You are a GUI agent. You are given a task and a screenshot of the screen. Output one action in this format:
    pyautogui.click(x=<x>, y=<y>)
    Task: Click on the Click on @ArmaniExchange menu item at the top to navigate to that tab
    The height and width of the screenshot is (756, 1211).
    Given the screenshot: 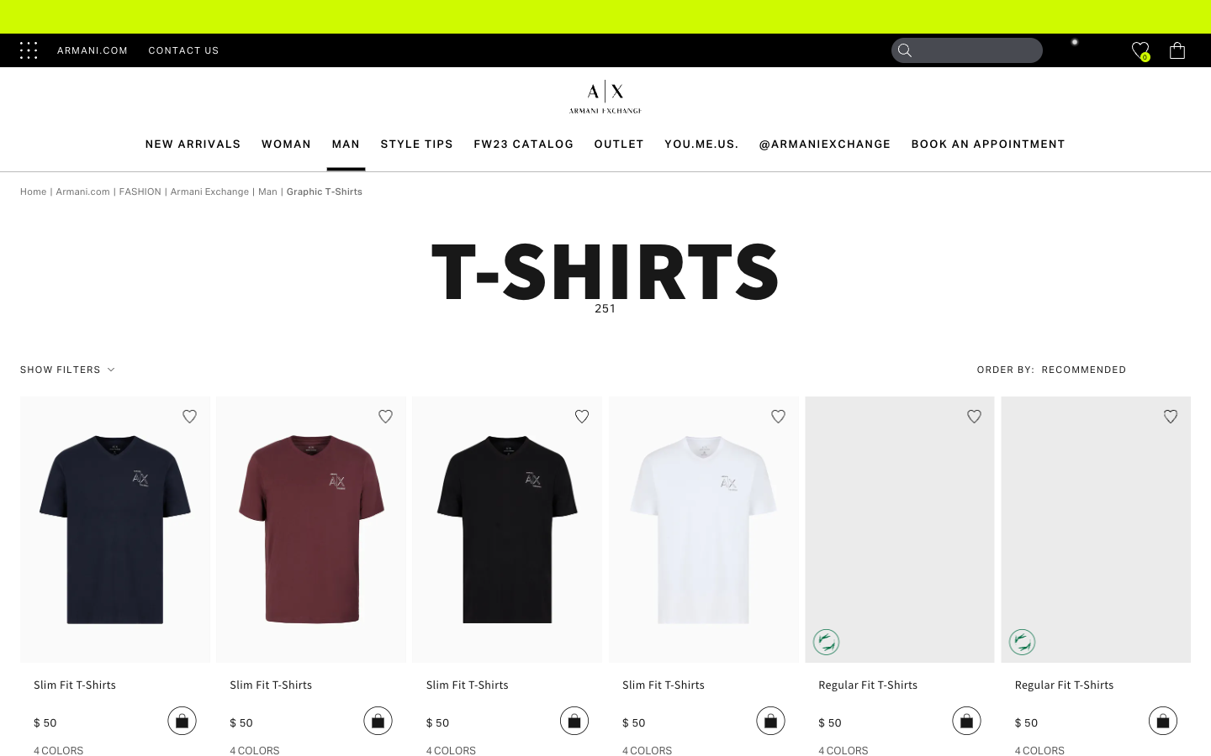 What is the action you would take?
    pyautogui.click(x=824, y=144)
    